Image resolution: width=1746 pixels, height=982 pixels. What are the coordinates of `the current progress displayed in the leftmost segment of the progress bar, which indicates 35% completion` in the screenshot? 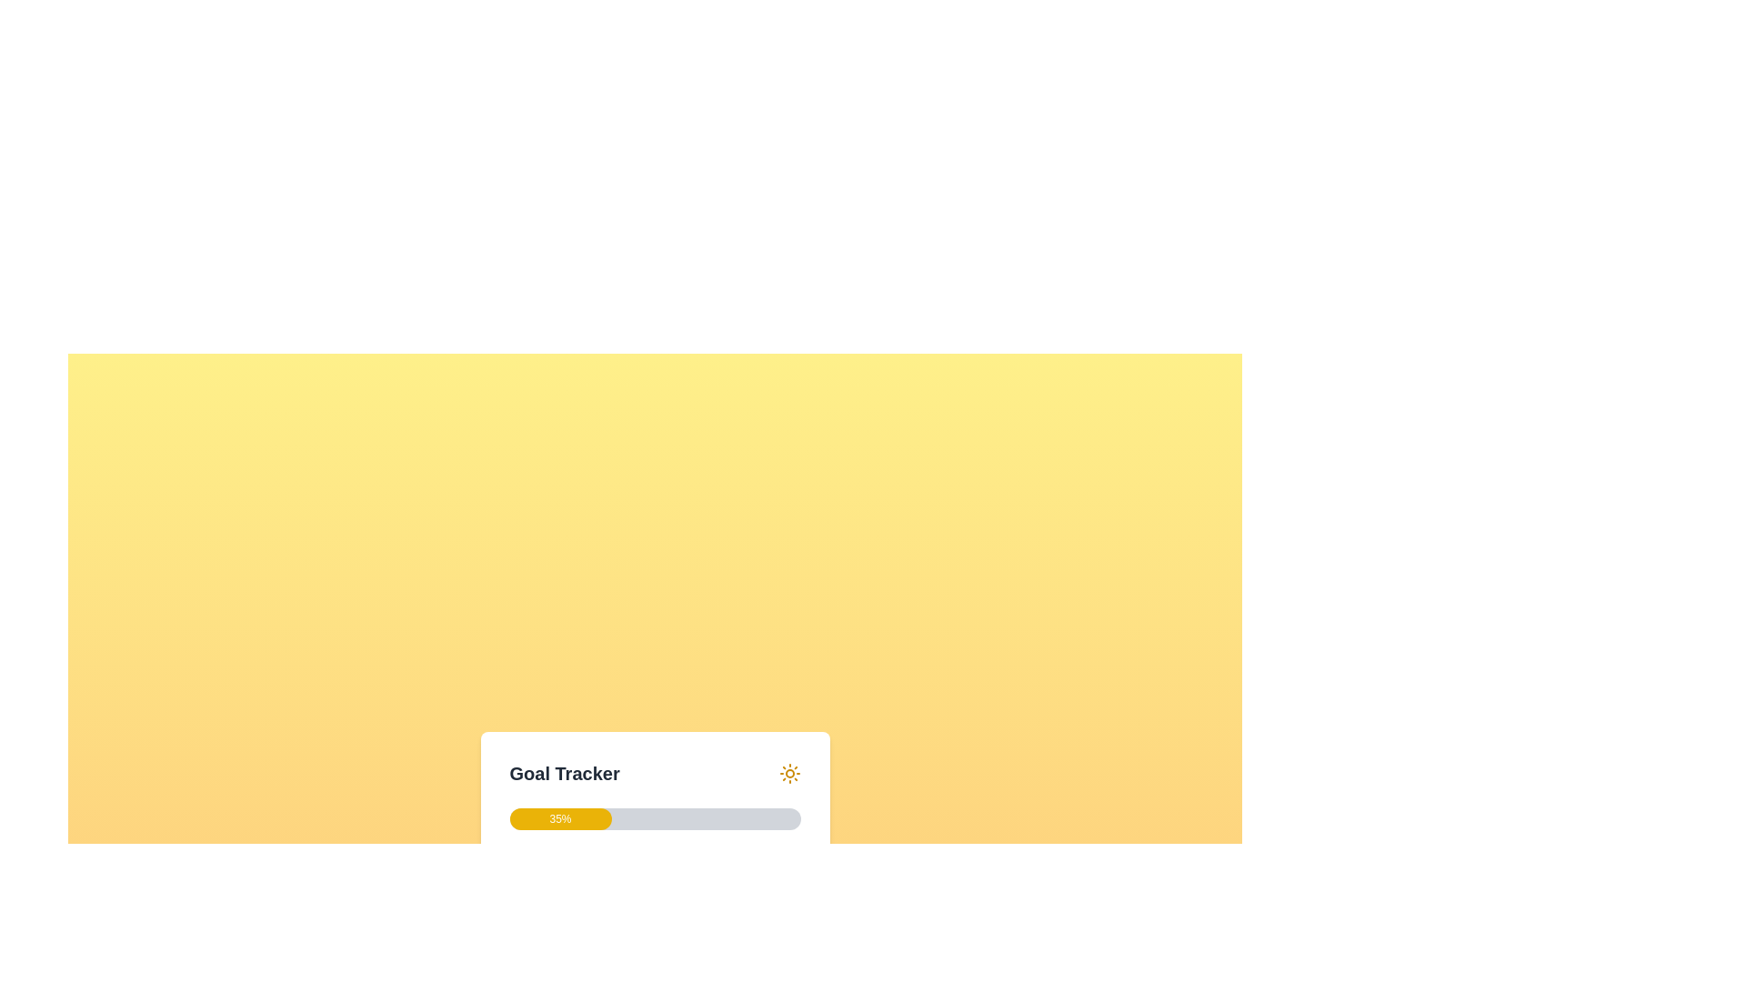 It's located at (559, 819).